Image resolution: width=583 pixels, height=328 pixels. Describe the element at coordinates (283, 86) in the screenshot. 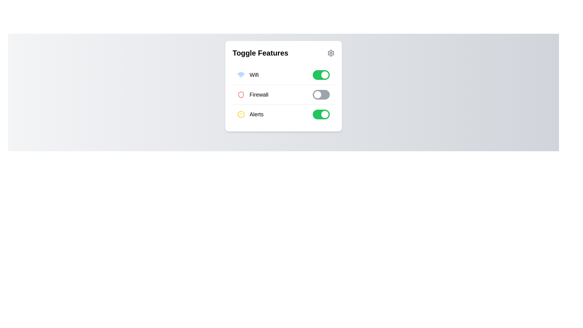

I see `the toggle switch on the Interactive control panel` at that location.